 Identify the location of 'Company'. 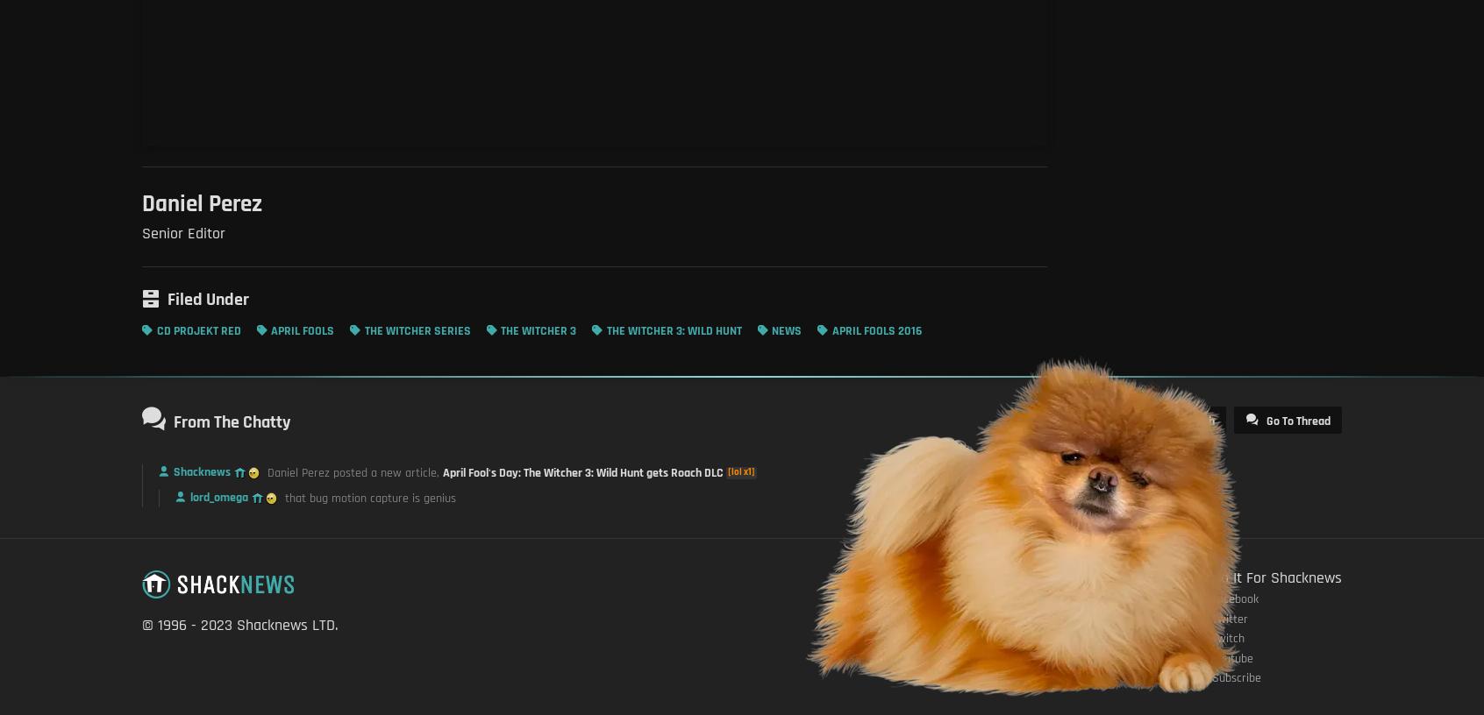
(1088, 577).